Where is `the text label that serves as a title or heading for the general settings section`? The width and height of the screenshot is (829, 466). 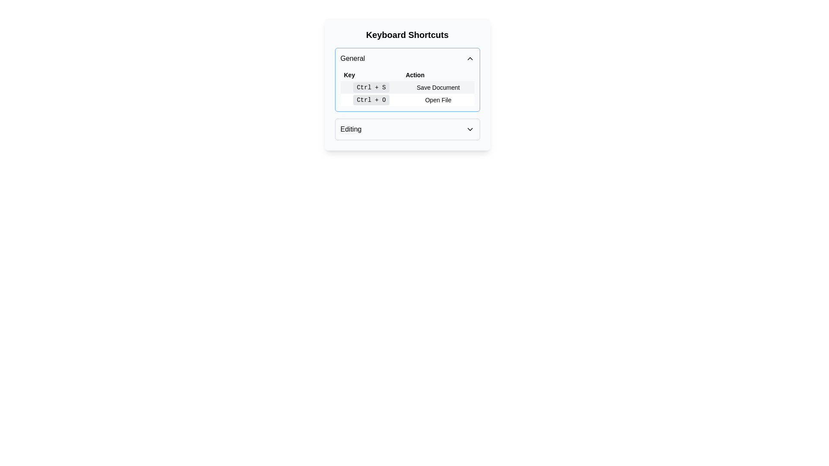
the text label that serves as a title or heading for the general settings section is located at coordinates (352, 58).